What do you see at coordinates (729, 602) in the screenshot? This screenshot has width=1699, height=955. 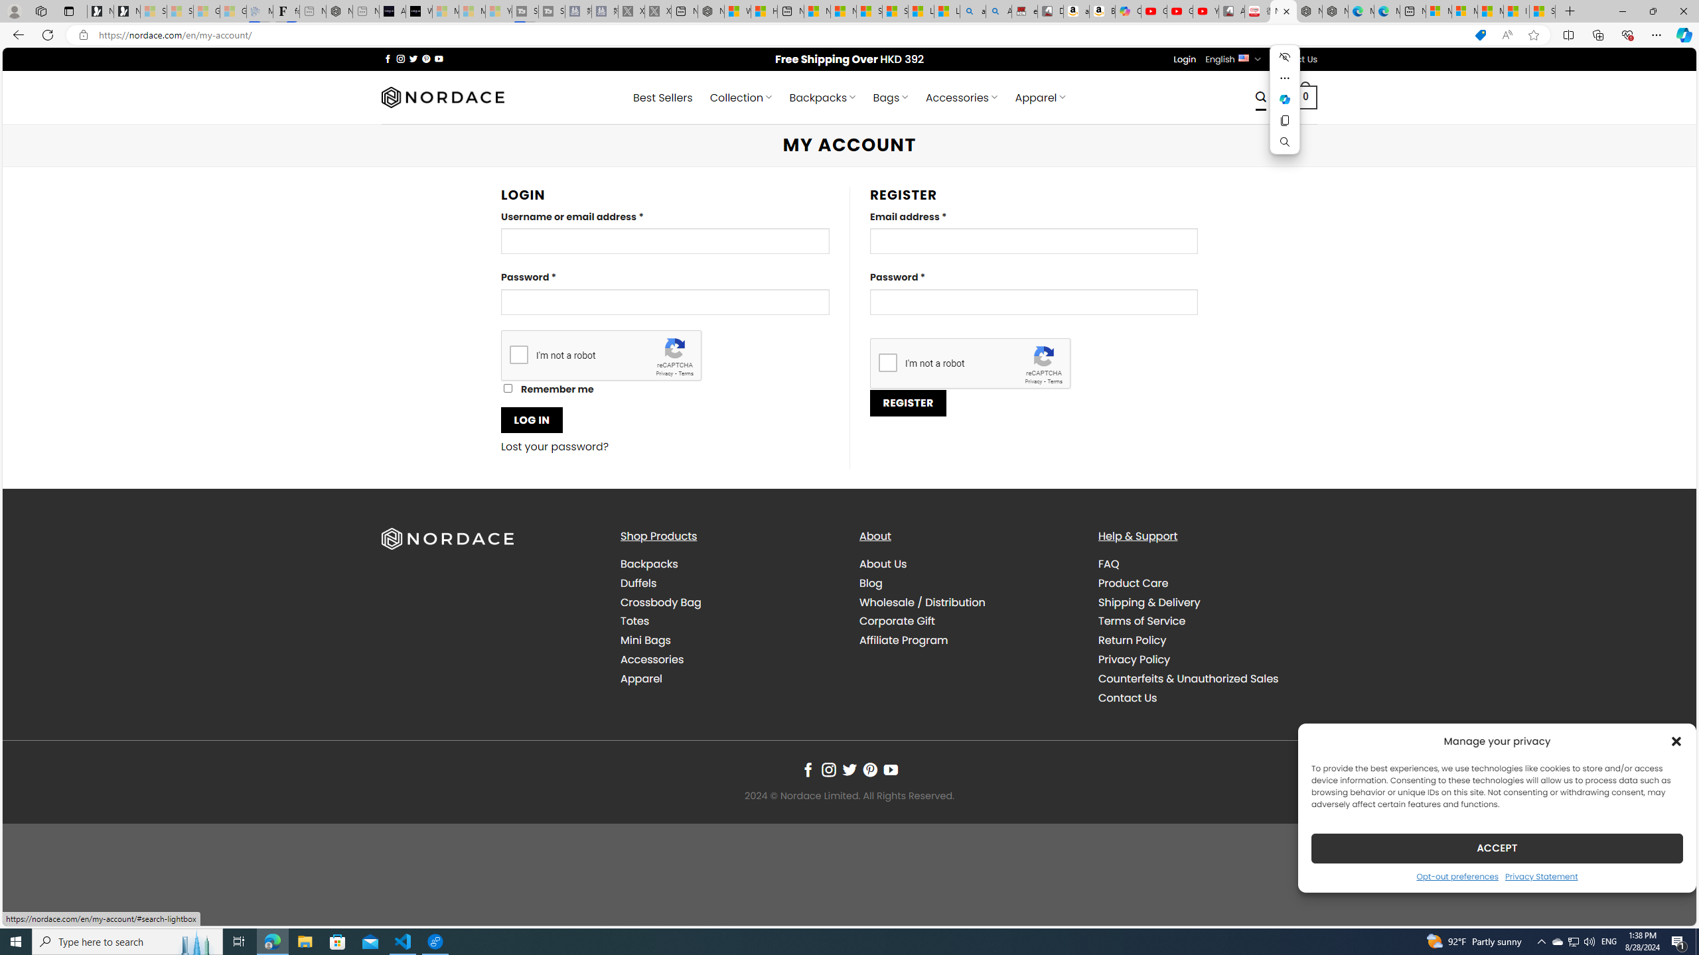 I see `'Crossbody Bag'` at bounding box center [729, 602].